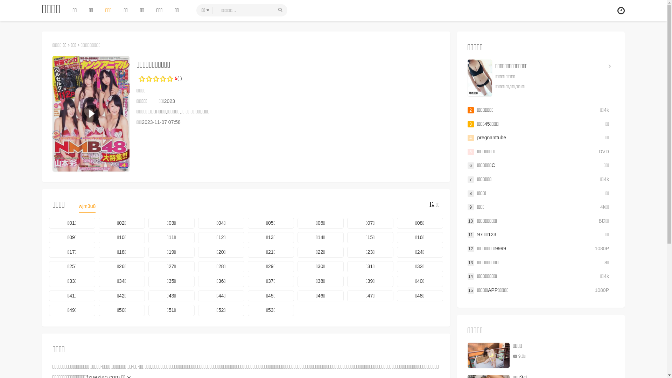 This screenshot has width=672, height=378. Describe the element at coordinates (87, 208) in the screenshot. I see `'wjm3u8'` at that location.